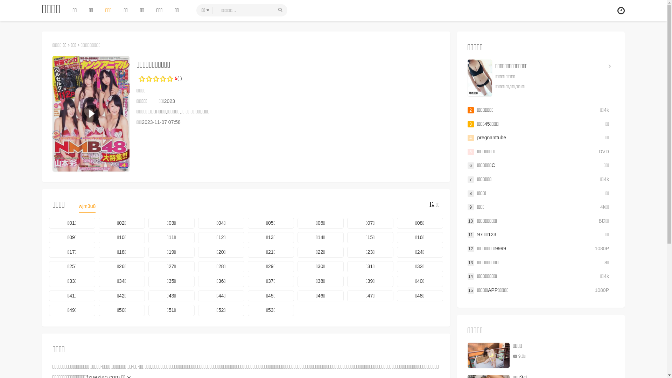 This screenshot has width=672, height=378. Describe the element at coordinates (87, 208) in the screenshot. I see `'wjm3u8'` at that location.